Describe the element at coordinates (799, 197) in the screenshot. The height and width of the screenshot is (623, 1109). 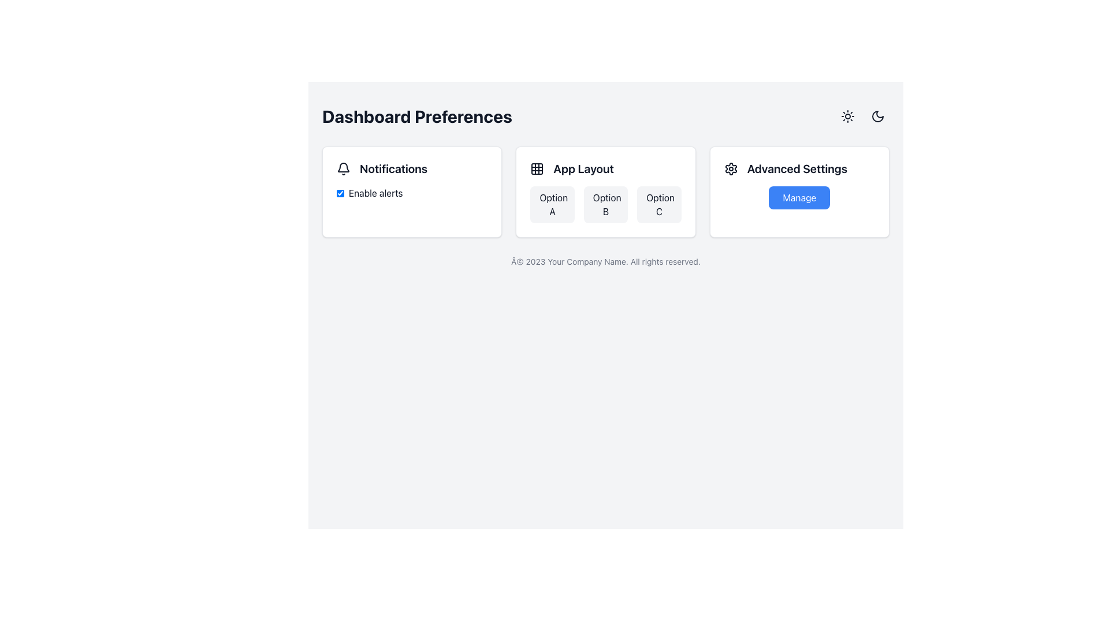
I see `the 'Advanced Settings' button` at that location.